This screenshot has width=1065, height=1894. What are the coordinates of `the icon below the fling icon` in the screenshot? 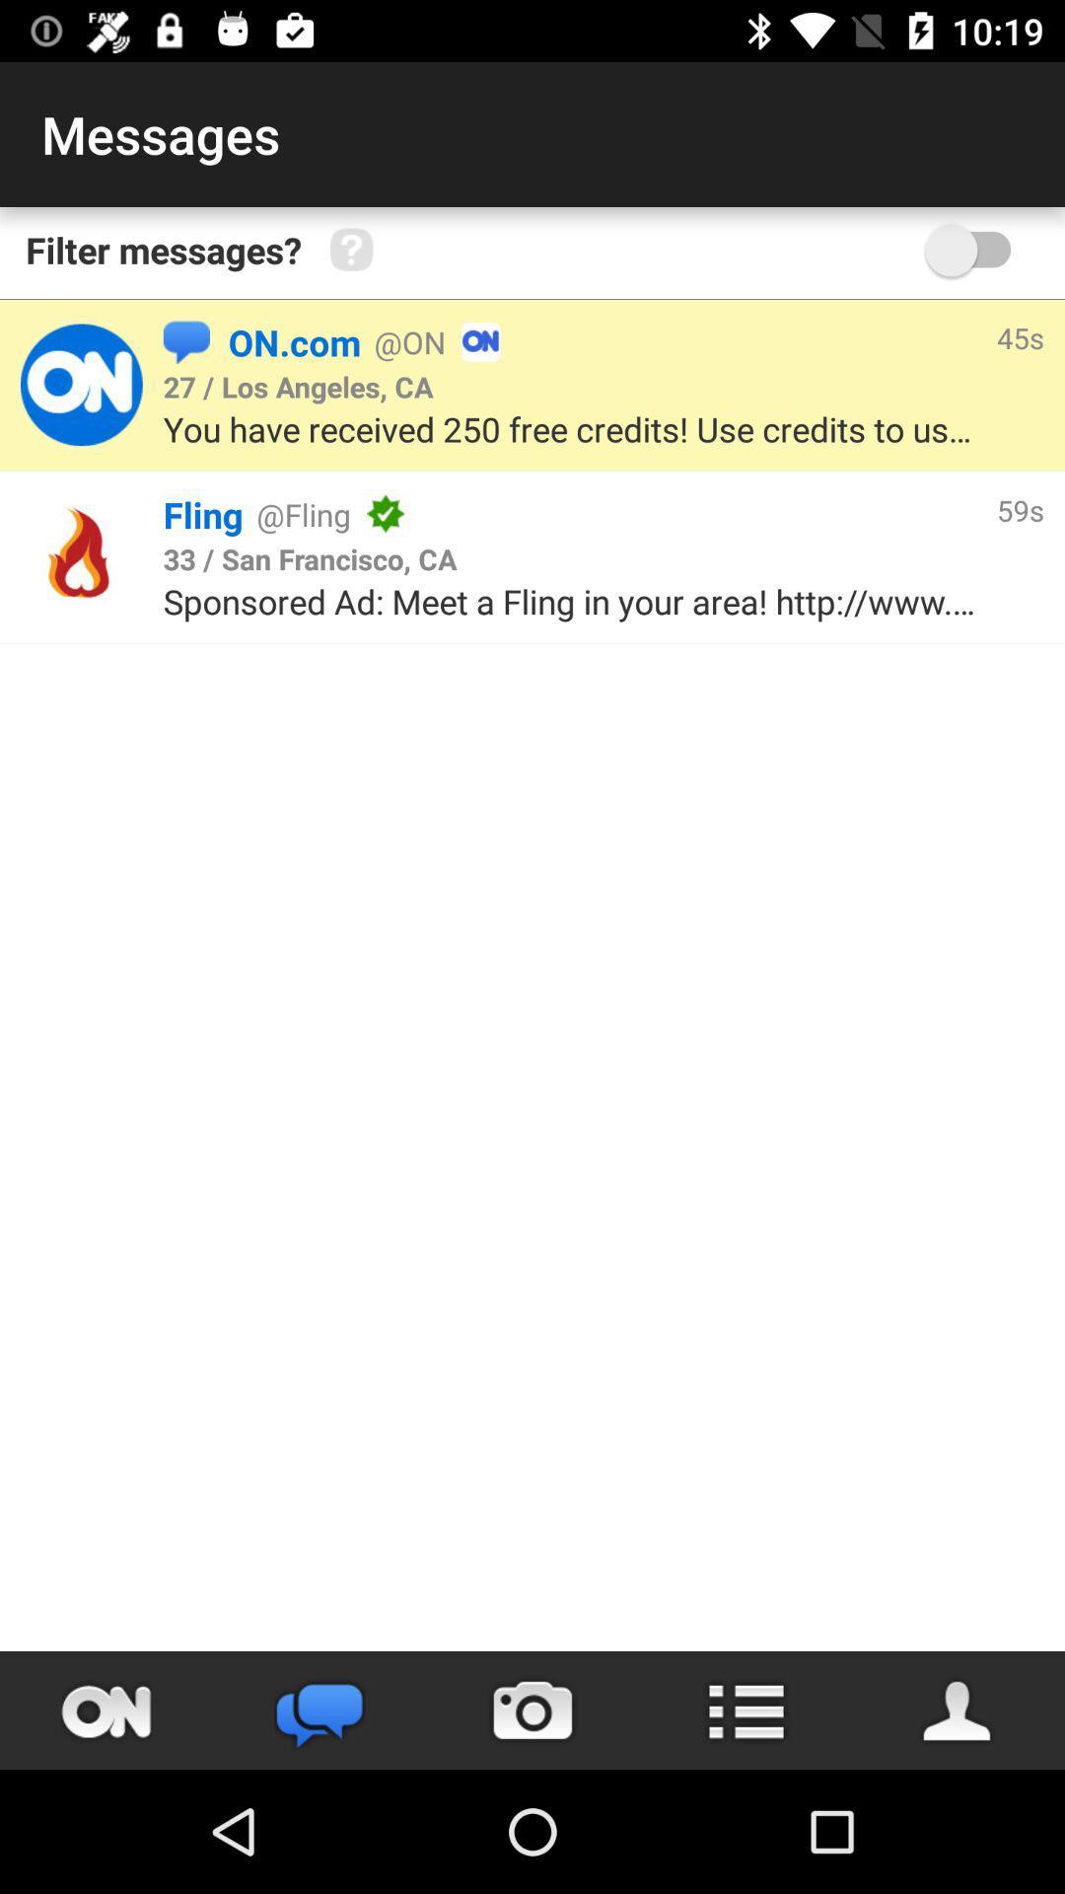 It's located at (310, 557).